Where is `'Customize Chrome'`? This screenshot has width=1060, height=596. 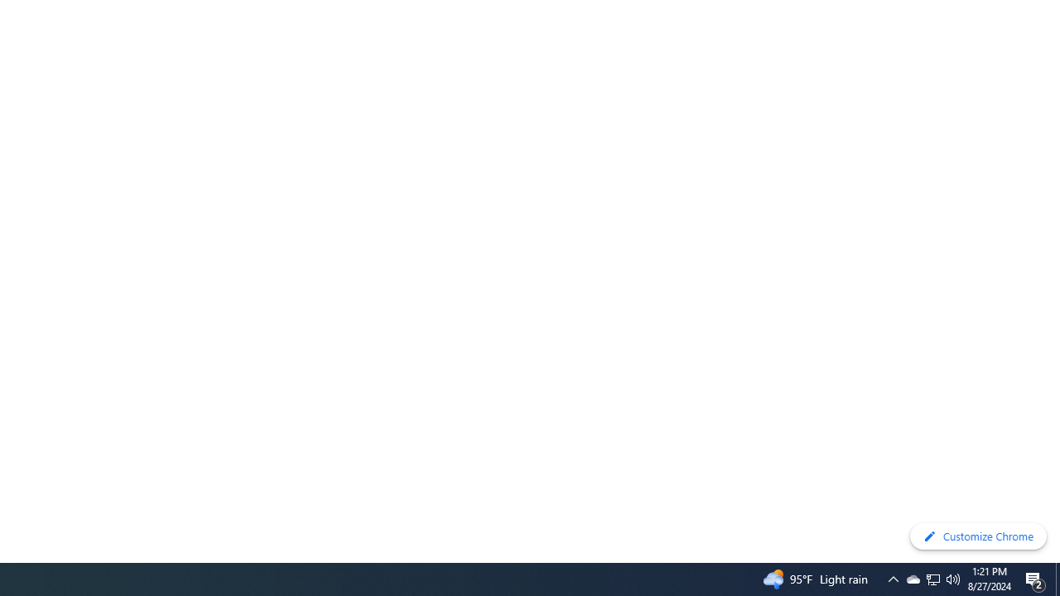
'Customize Chrome' is located at coordinates (978, 536).